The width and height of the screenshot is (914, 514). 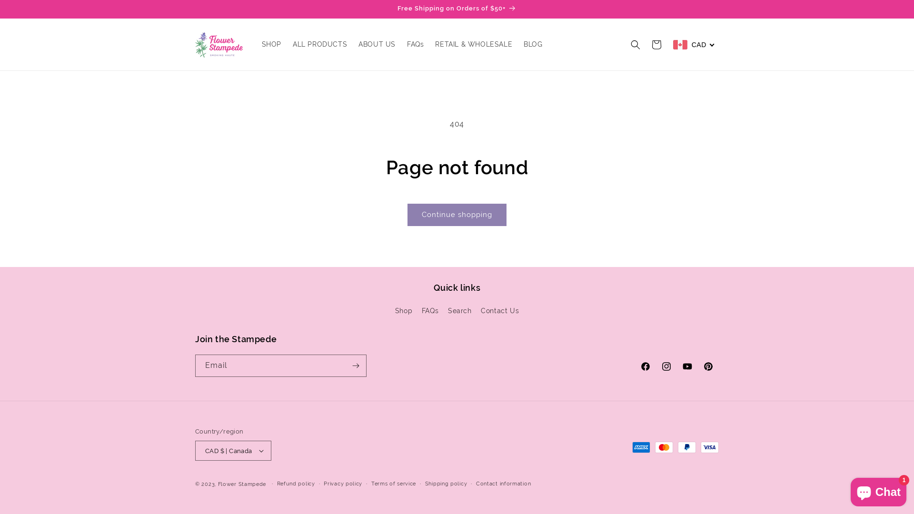 What do you see at coordinates (320, 44) in the screenshot?
I see `'ALL PRODUCTS'` at bounding box center [320, 44].